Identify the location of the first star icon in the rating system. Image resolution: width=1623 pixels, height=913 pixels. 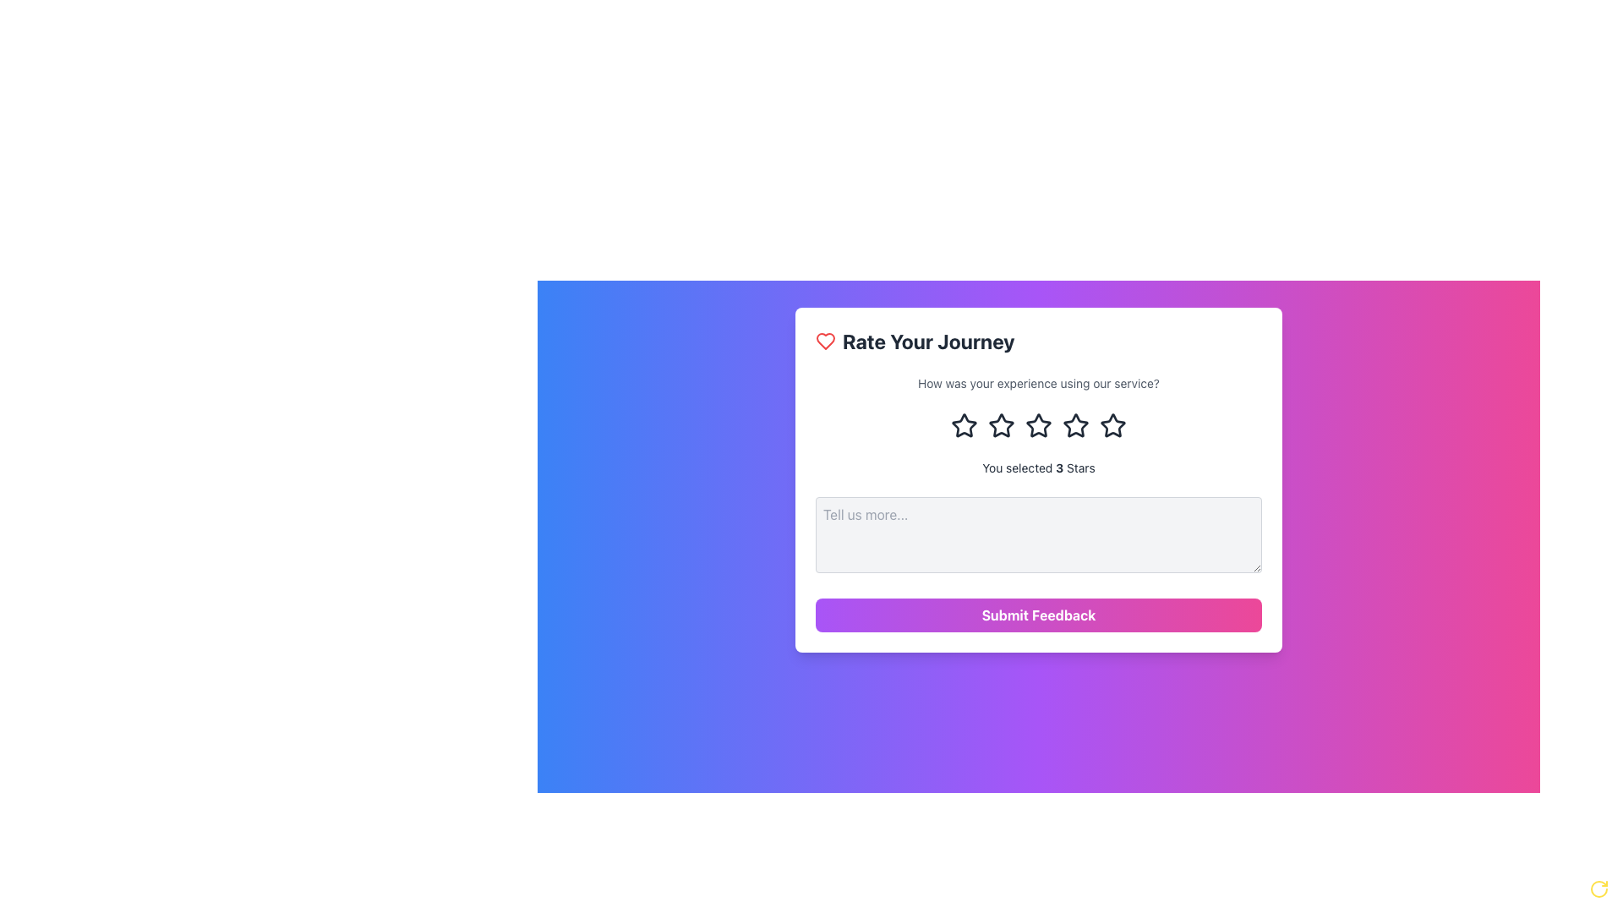
(965, 425).